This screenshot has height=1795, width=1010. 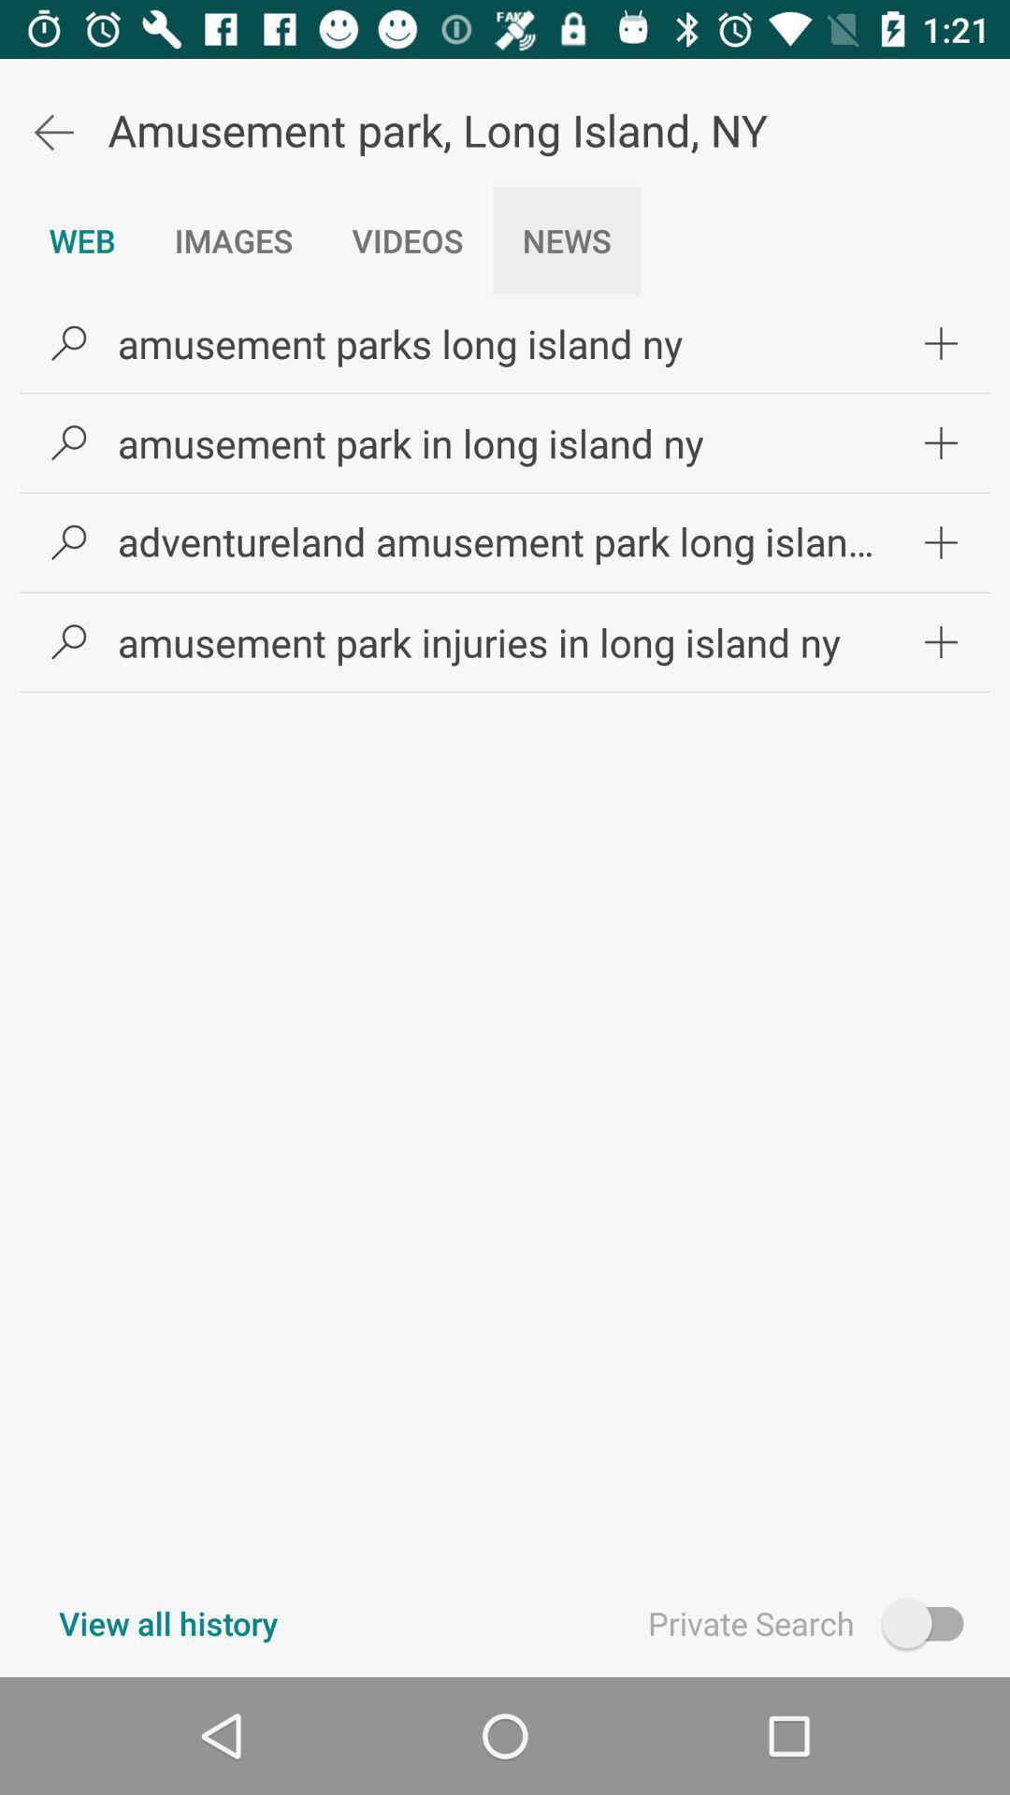 What do you see at coordinates (407, 239) in the screenshot?
I see `videos icon` at bounding box center [407, 239].